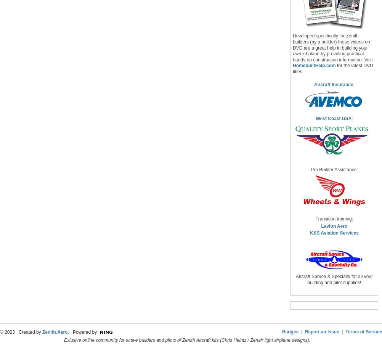 The image size is (382, 349). What do you see at coordinates (295, 279) in the screenshot?
I see `'Aircraft Spruce & Specialty for all your building and pilot supplies!'` at bounding box center [295, 279].